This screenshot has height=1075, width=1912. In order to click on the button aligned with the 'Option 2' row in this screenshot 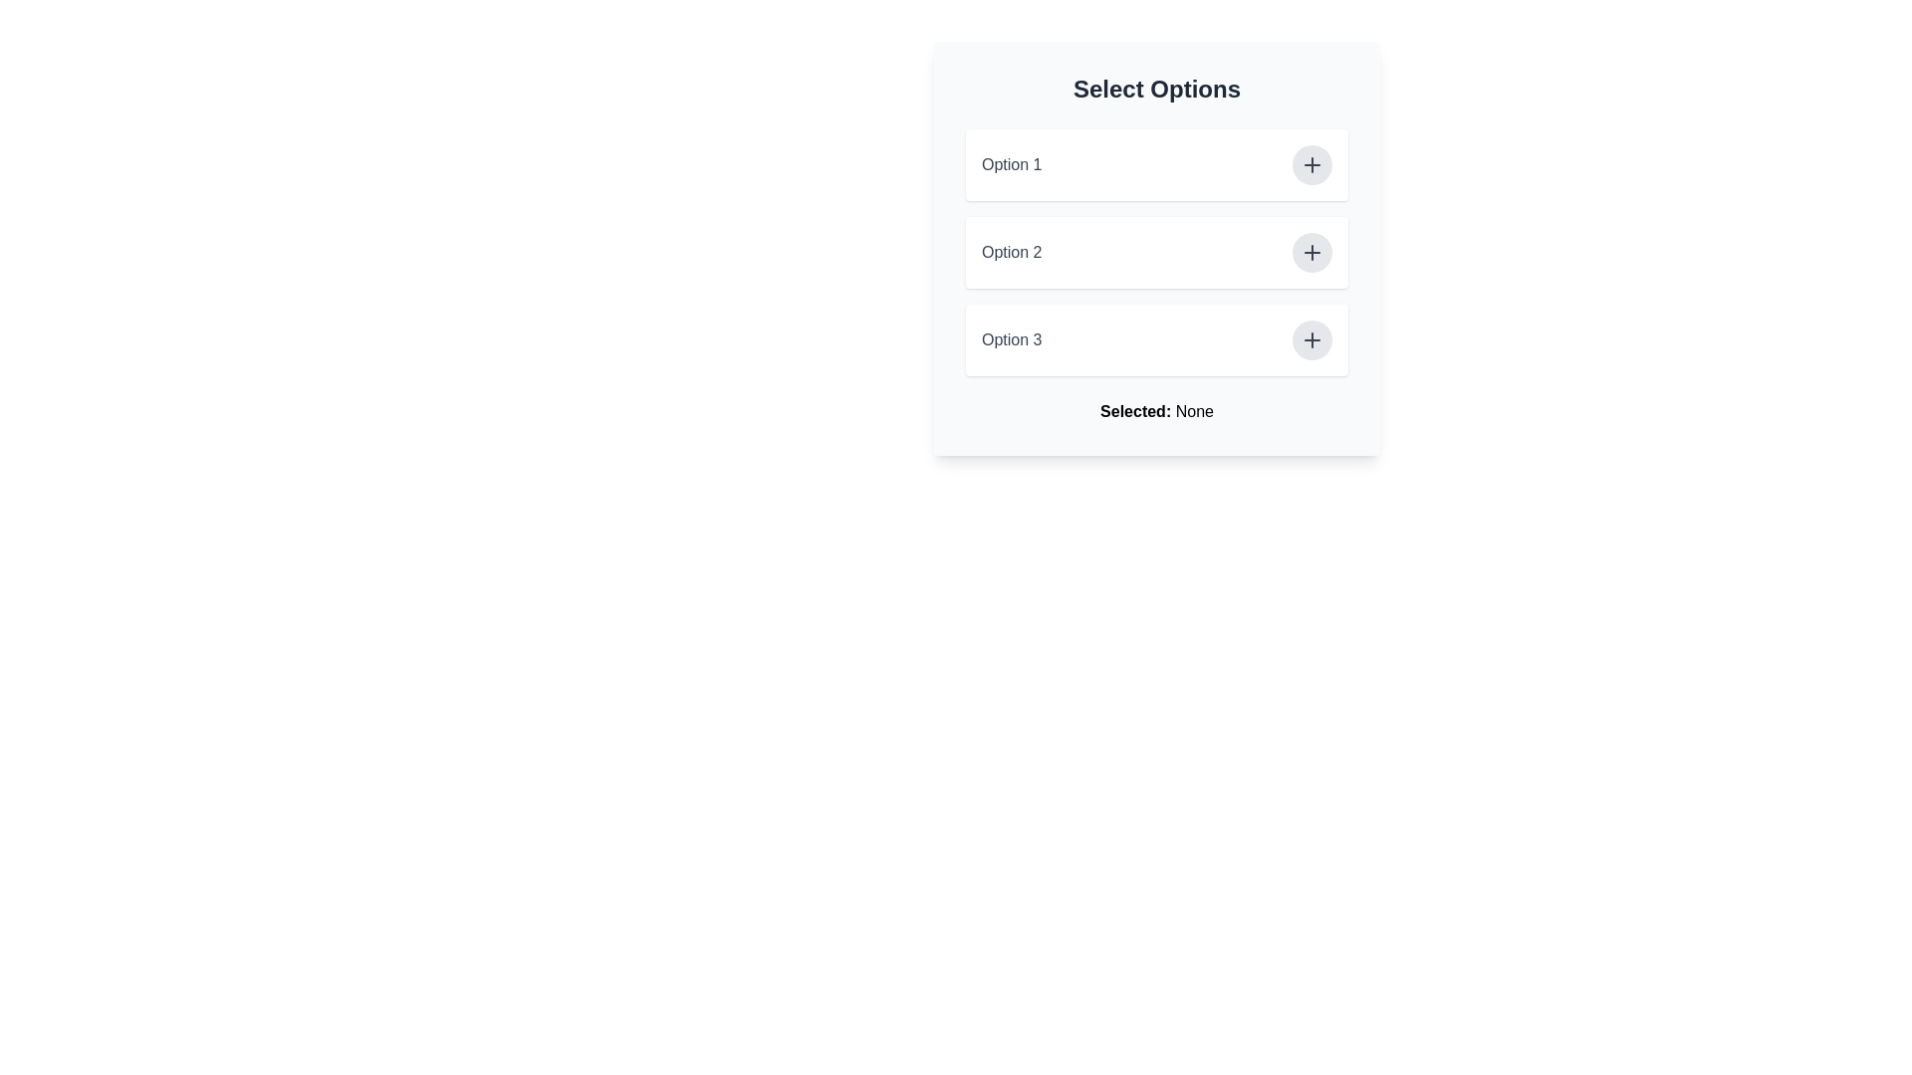, I will do `click(1313, 252)`.